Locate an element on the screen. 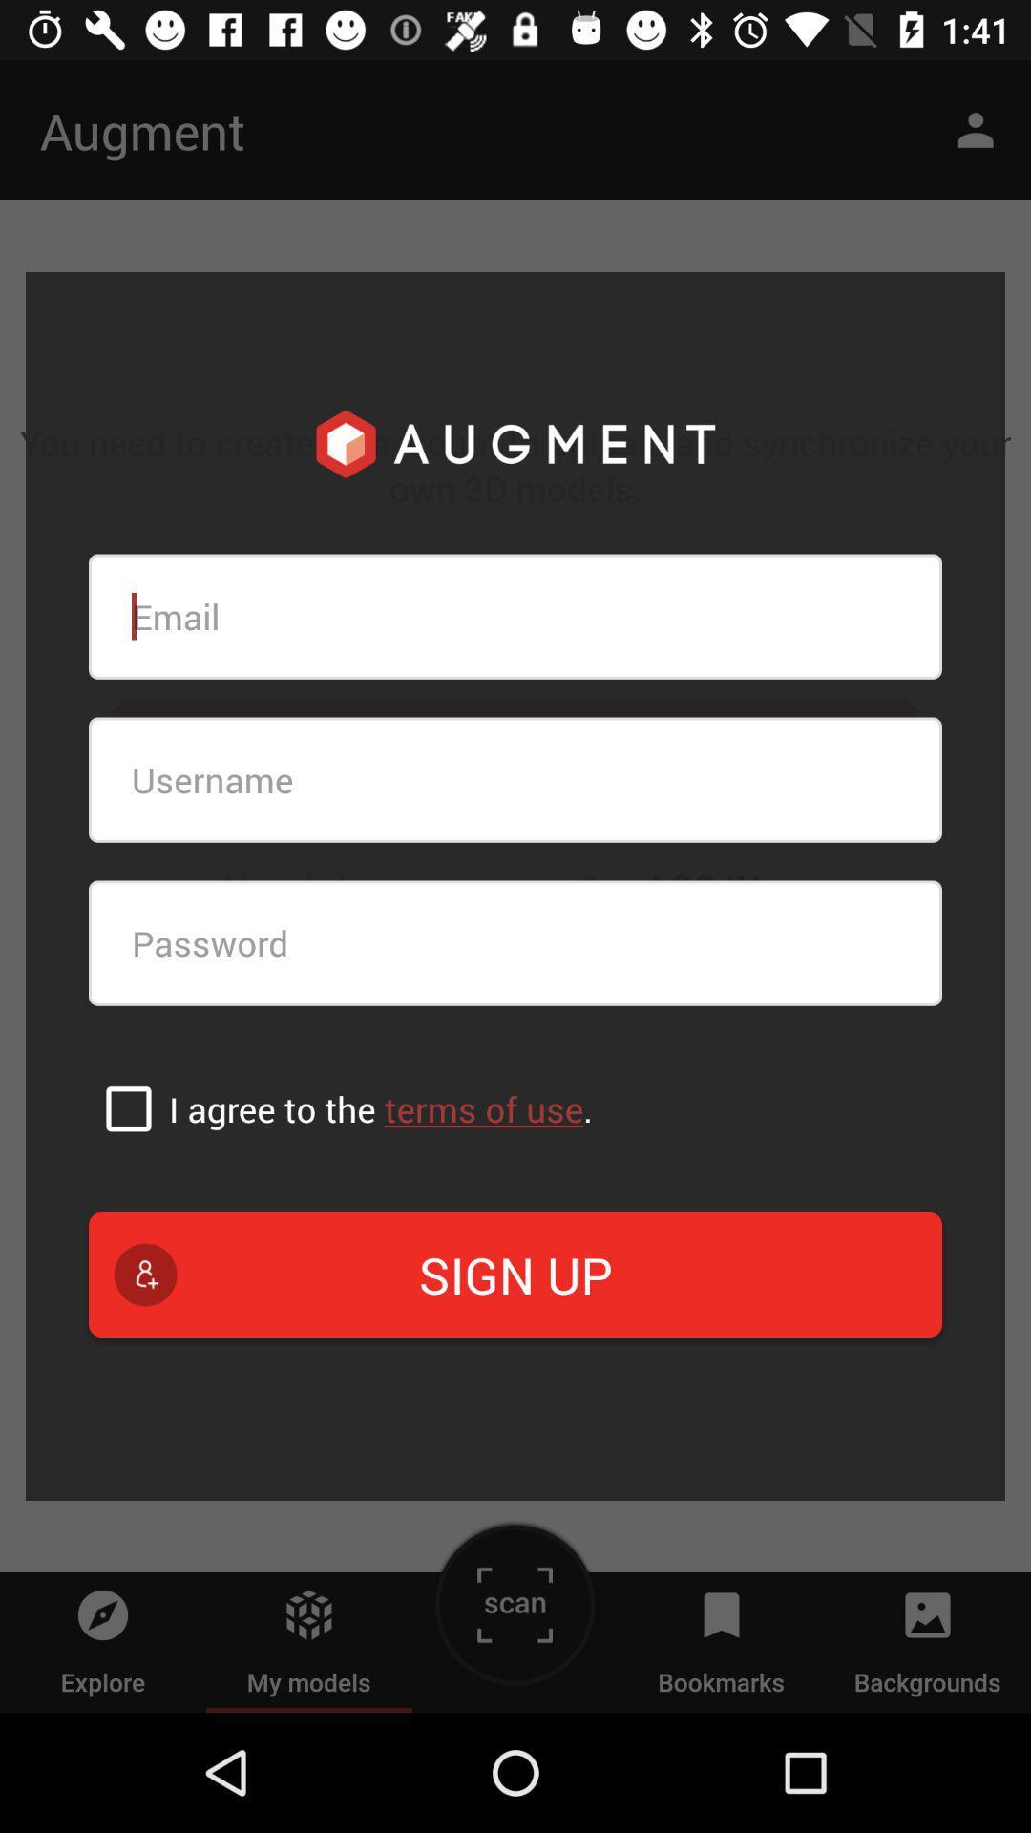  icon on the left is located at coordinates (129, 1108).